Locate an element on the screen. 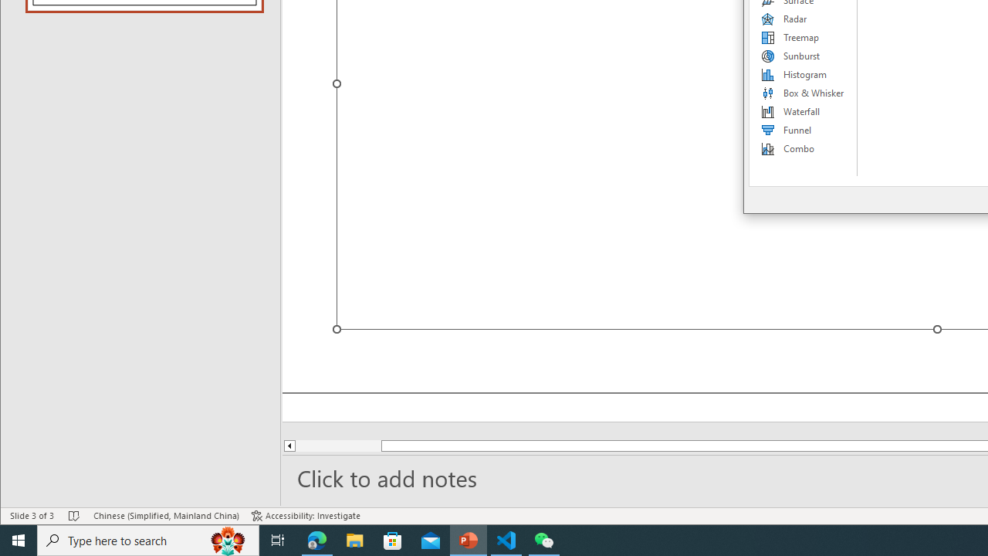 The image size is (988, 556). 'Radar' is located at coordinates (803, 19).